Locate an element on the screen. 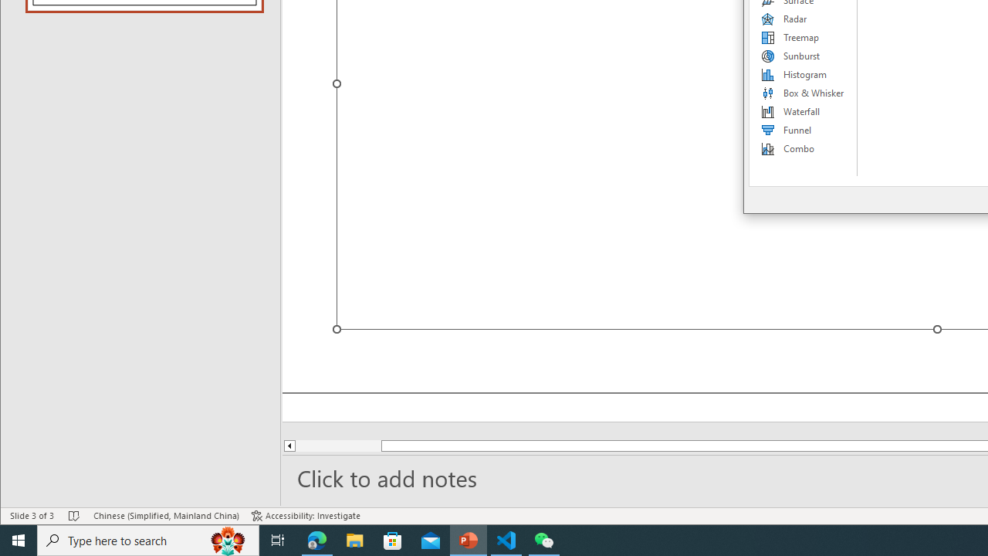 The image size is (988, 556). 'Radar' is located at coordinates (803, 19).